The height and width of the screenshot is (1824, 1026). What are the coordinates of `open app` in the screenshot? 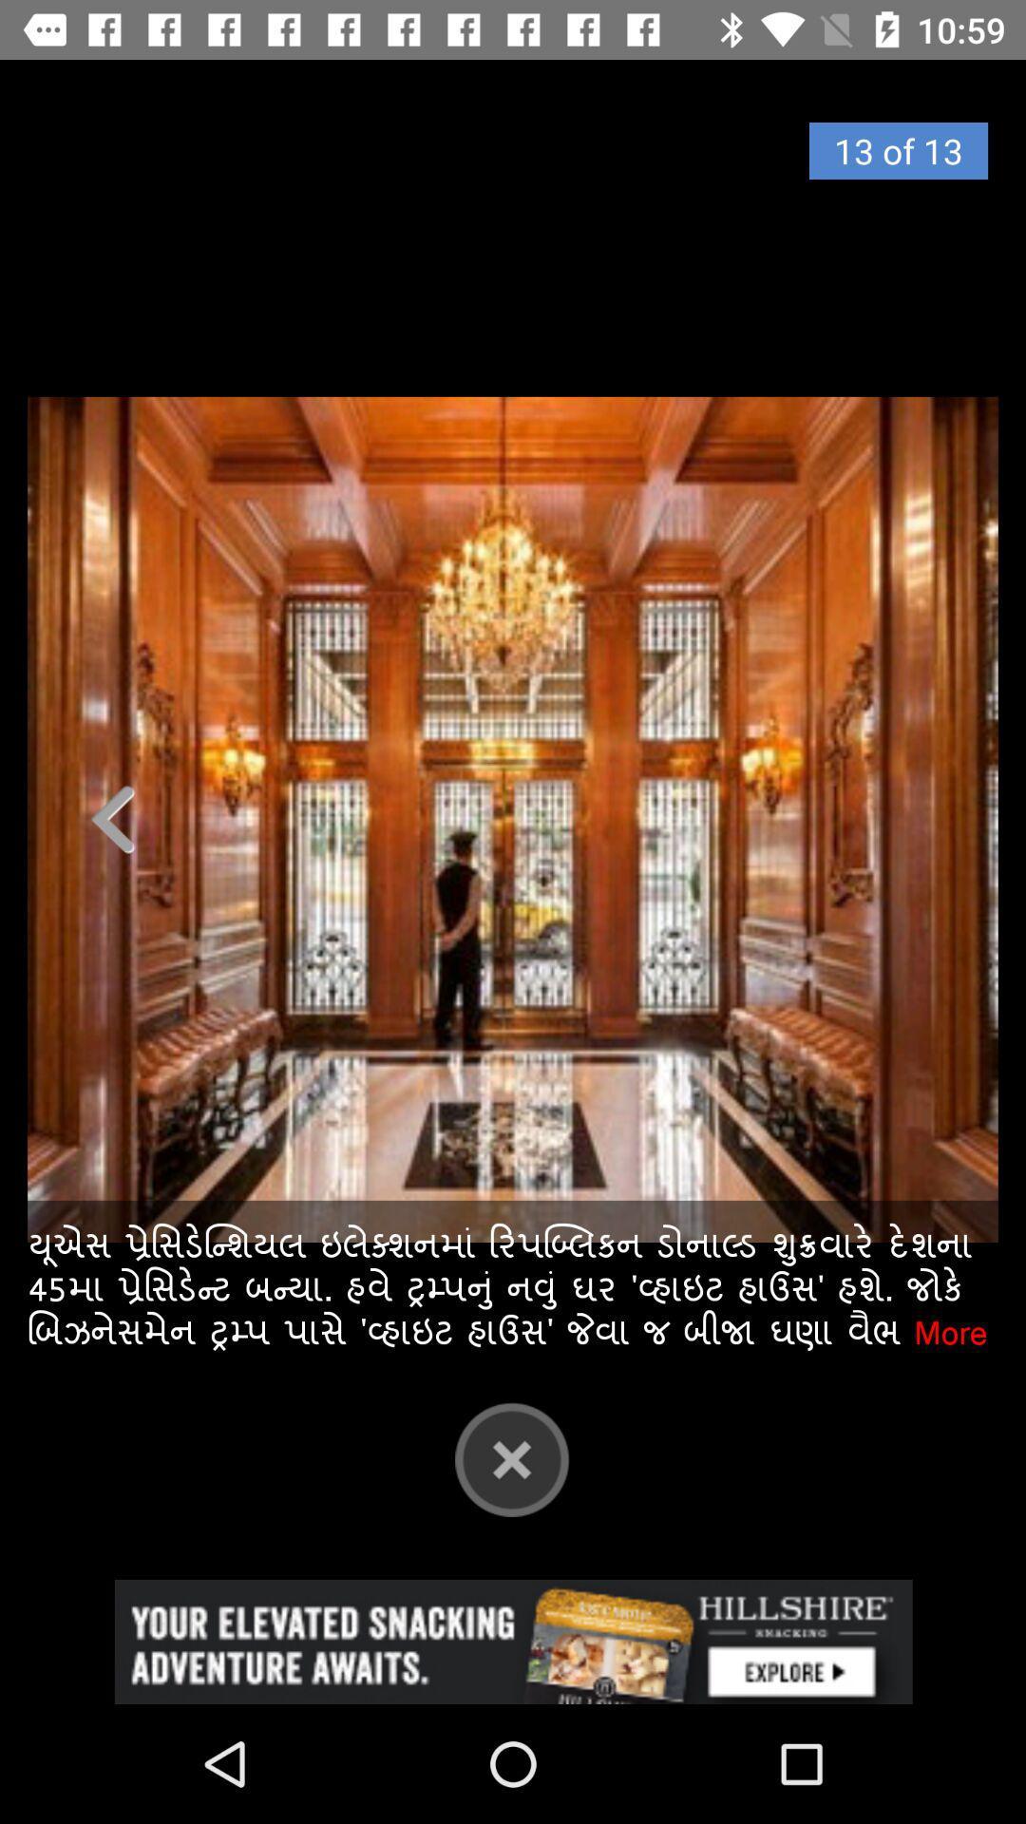 It's located at (513, 1641).